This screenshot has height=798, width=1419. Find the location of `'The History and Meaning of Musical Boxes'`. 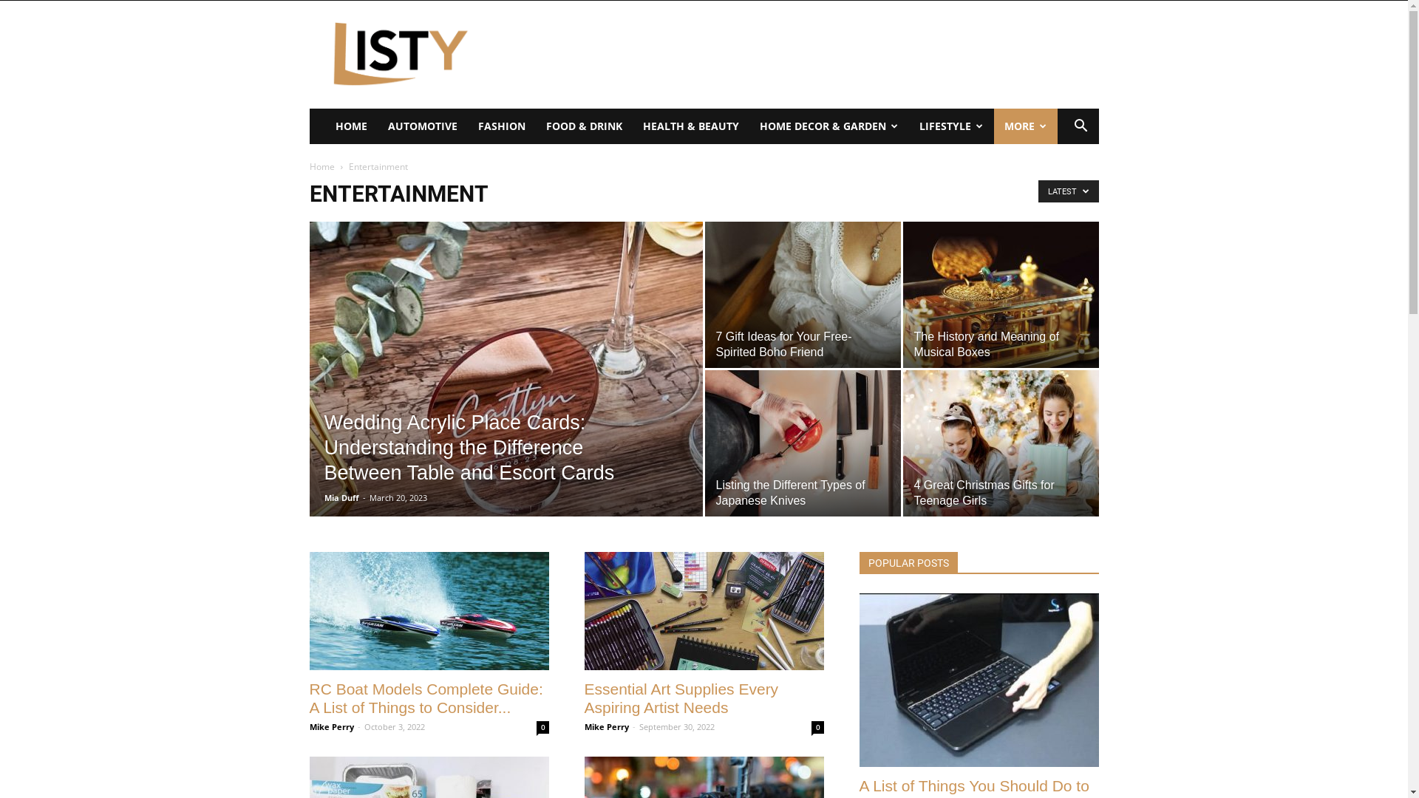

'The History and Meaning of Musical Boxes' is located at coordinates (1001, 294).